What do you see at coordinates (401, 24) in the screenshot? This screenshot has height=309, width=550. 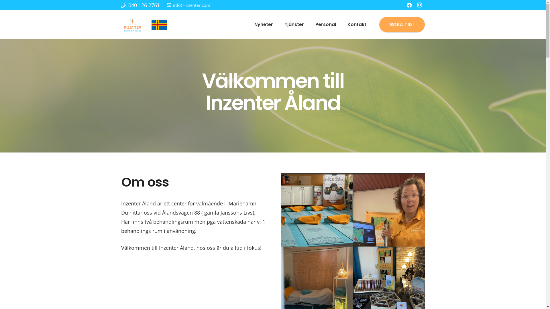 I see `'BOKA TID!'` at bounding box center [401, 24].